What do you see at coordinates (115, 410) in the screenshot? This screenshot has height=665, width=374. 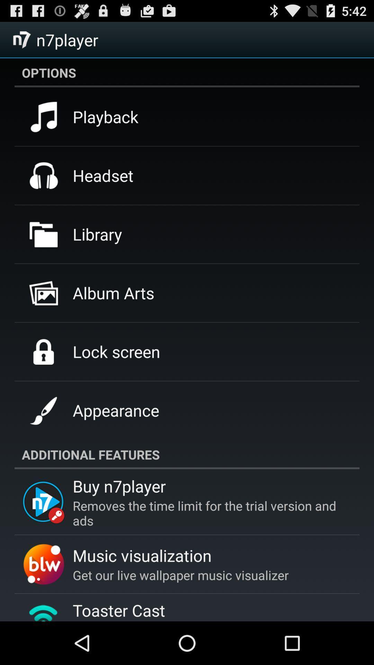 I see `the appearance app` at bounding box center [115, 410].